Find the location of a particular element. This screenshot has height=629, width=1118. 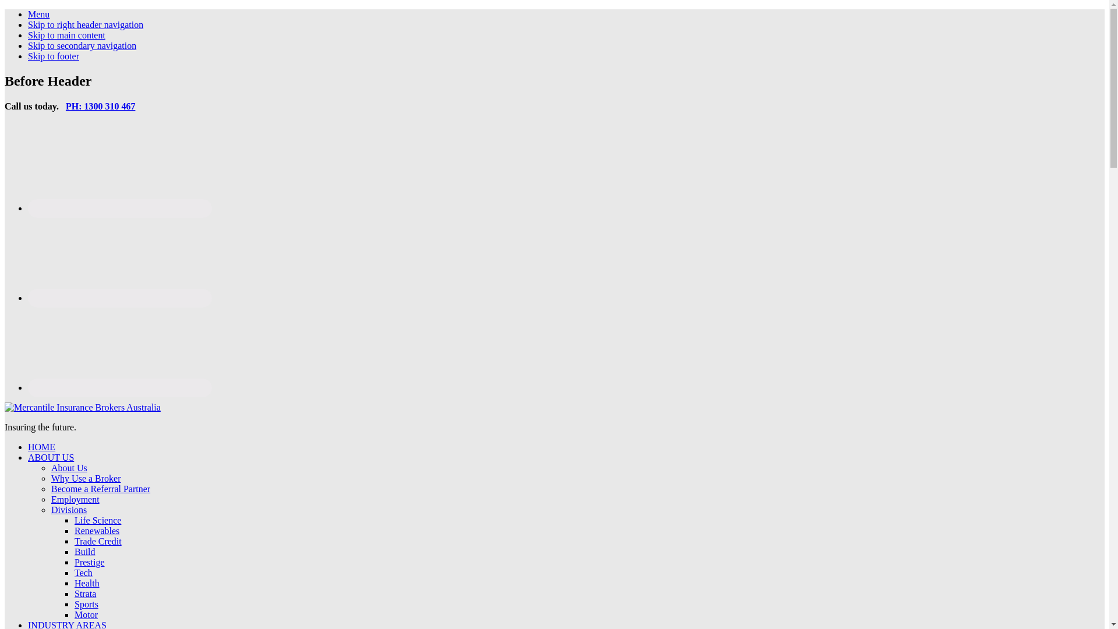

'Skip to main content' is located at coordinates (66, 34).